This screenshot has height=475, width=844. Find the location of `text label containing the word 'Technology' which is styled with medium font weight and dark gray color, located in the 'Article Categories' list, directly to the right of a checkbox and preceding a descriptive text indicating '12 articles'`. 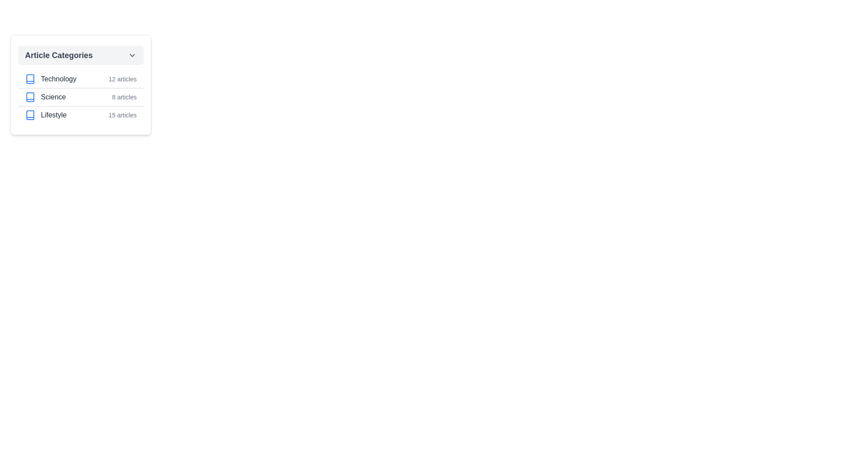

text label containing the word 'Technology' which is styled with medium font weight and dark gray color, located in the 'Article Categories' list, directly to the right of a checkbox and preceding a descriptive text indicating '12 articles' is located at coordinates (58, 79).